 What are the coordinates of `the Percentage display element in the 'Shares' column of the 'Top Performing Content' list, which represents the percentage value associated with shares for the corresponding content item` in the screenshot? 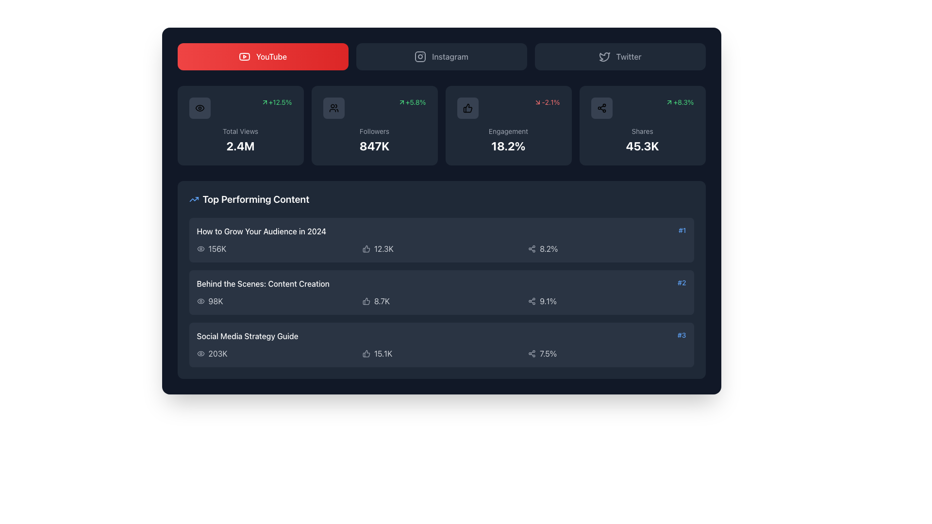 It's located at (606, 301).